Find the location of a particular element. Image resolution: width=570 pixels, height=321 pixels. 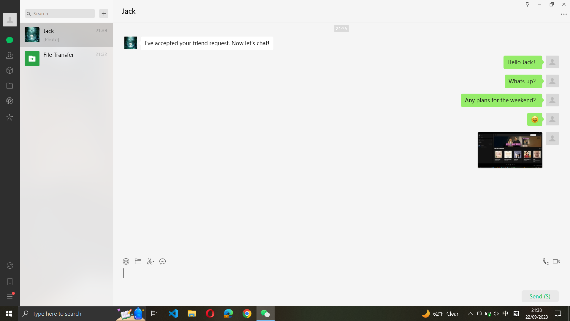

the camera functionality is located at coordinates (10, 101).